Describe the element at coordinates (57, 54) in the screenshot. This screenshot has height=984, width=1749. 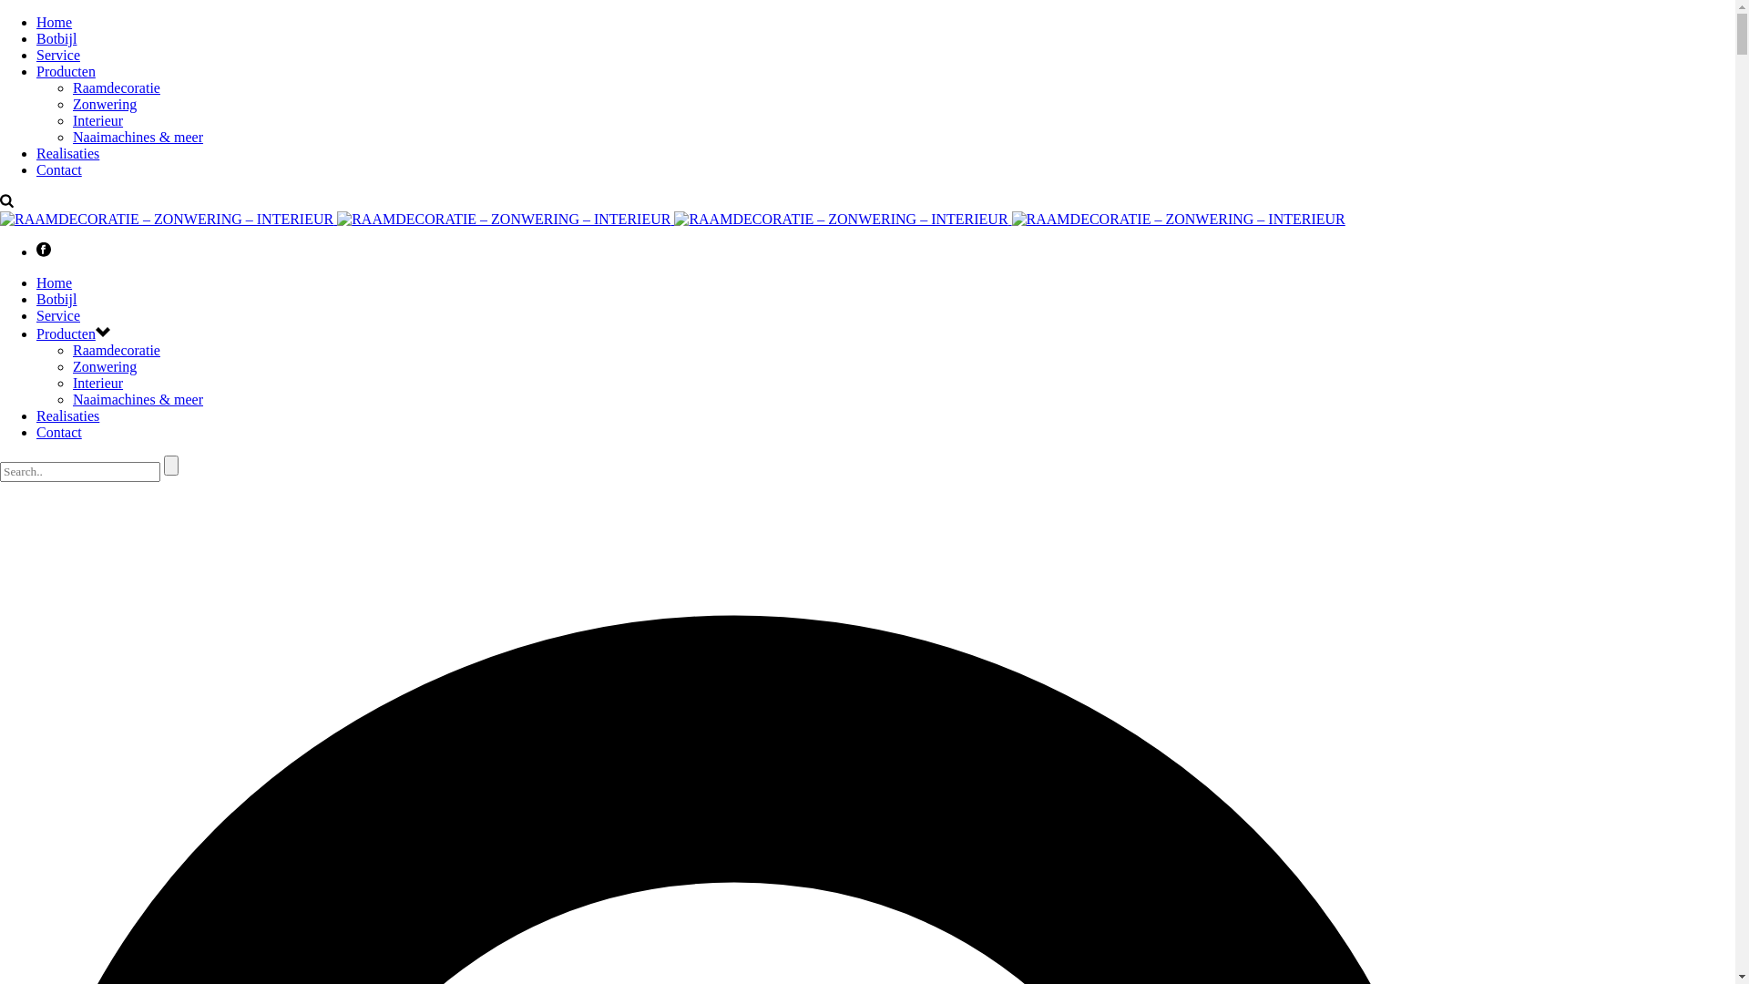
I see `'Service'` at that location.